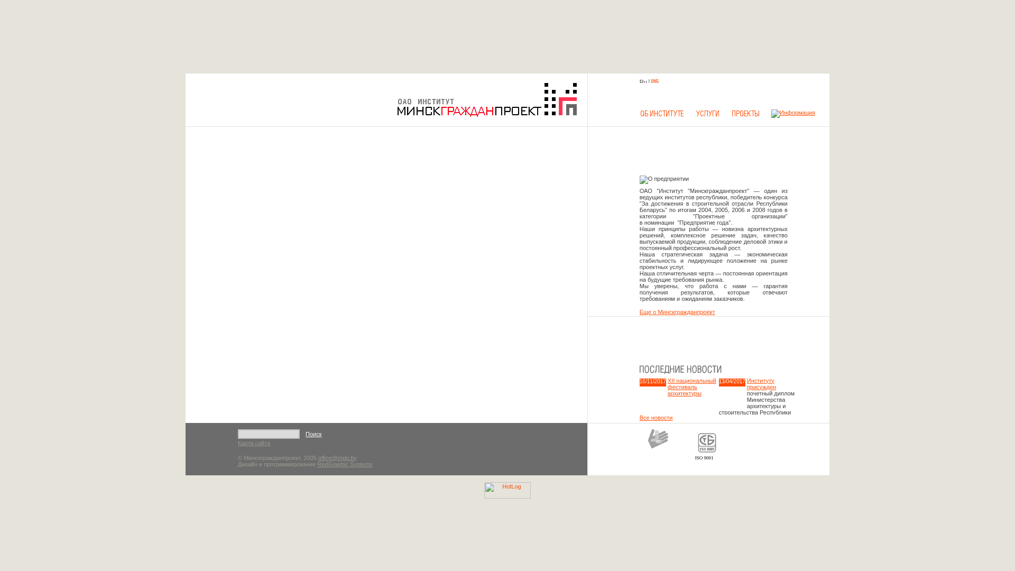  What do you see at coordinates (317, 464) in the screenshot?
I see `'RedGraphic Systems'` at bounding box center [317, 464].